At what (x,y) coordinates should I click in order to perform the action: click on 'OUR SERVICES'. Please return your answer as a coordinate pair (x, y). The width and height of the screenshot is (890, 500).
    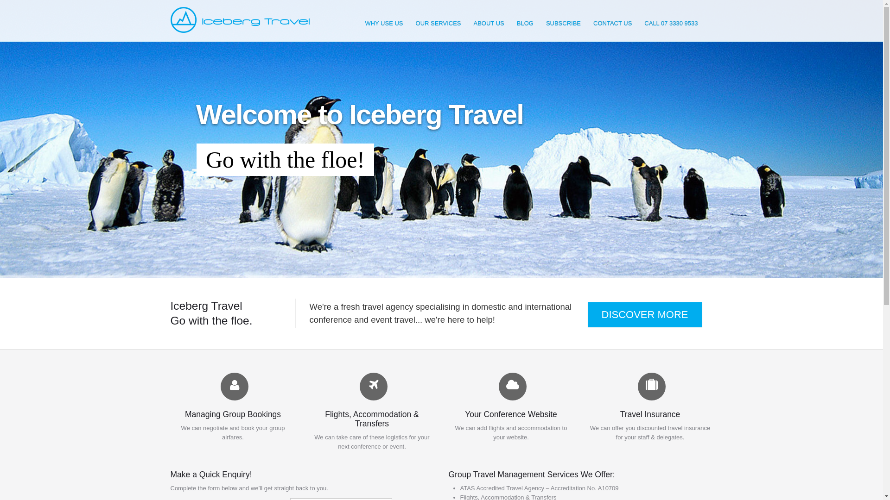
    Looking at the image, I should click on (438, 23).